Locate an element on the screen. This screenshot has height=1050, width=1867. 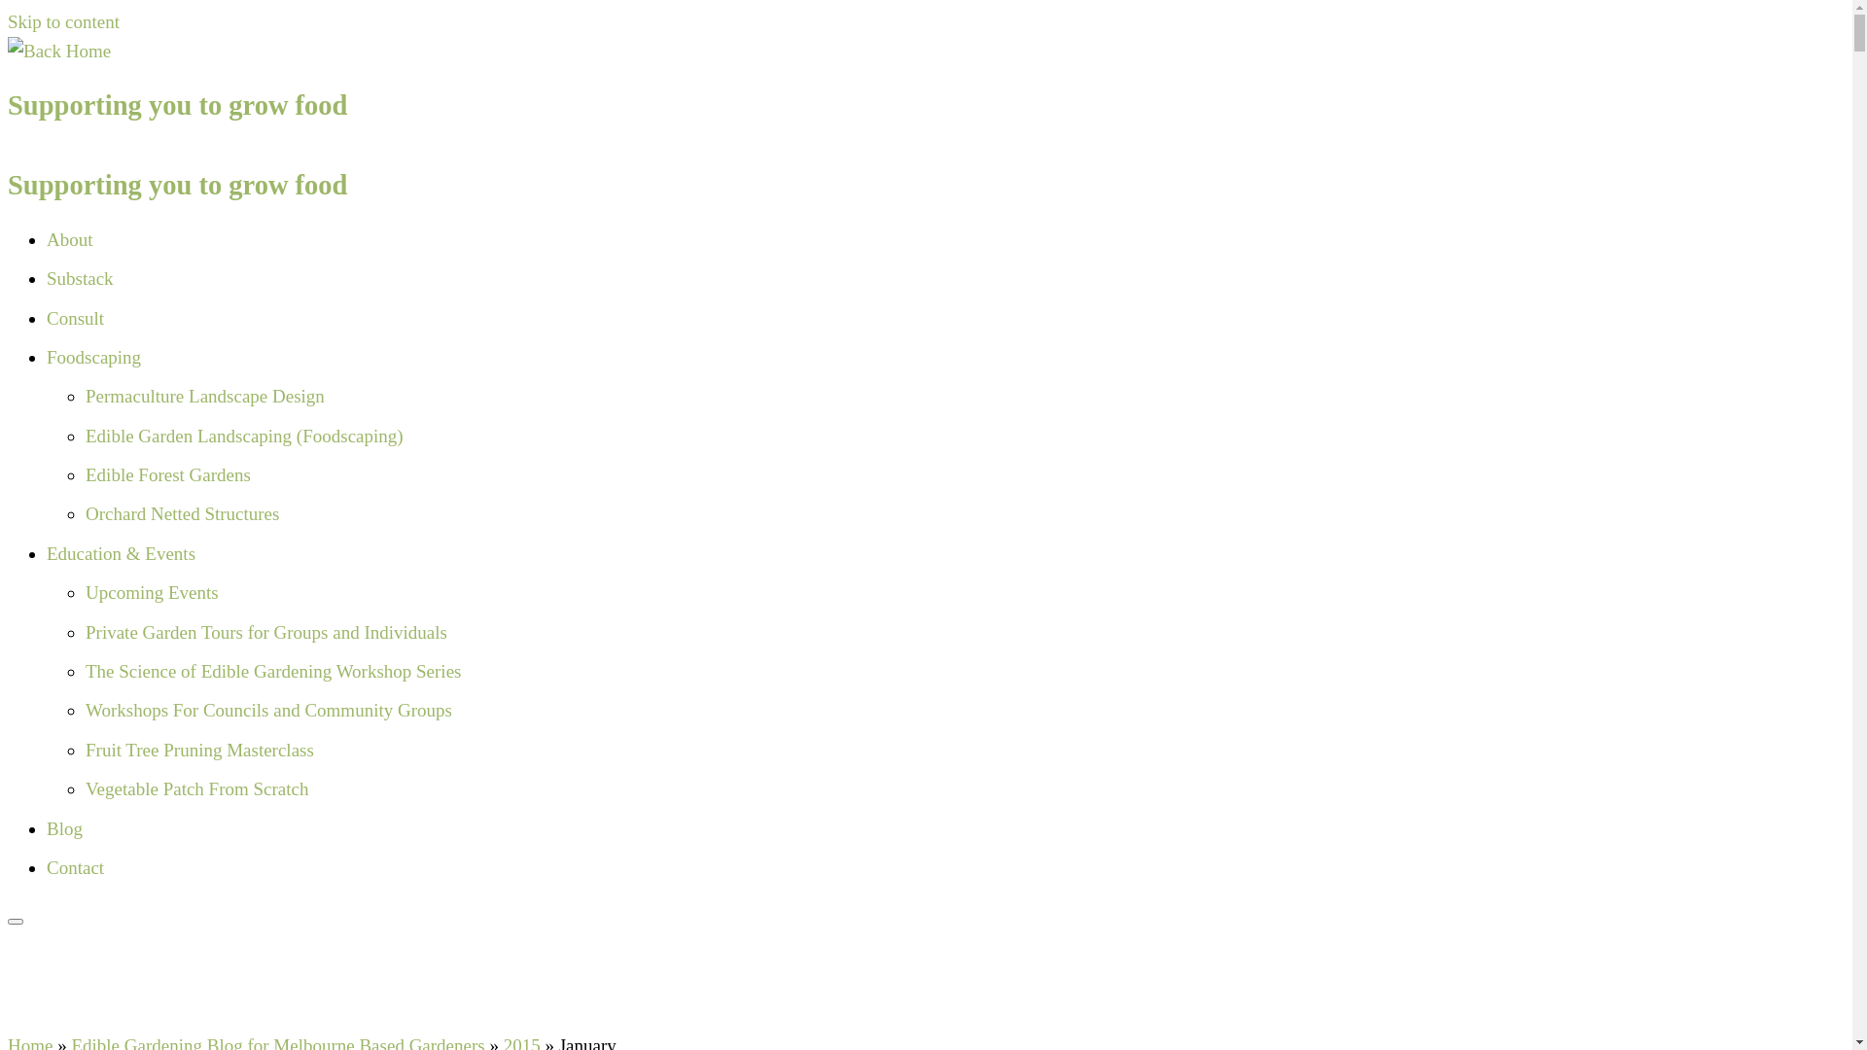
'Consult' is located at coordinates (75, 316).